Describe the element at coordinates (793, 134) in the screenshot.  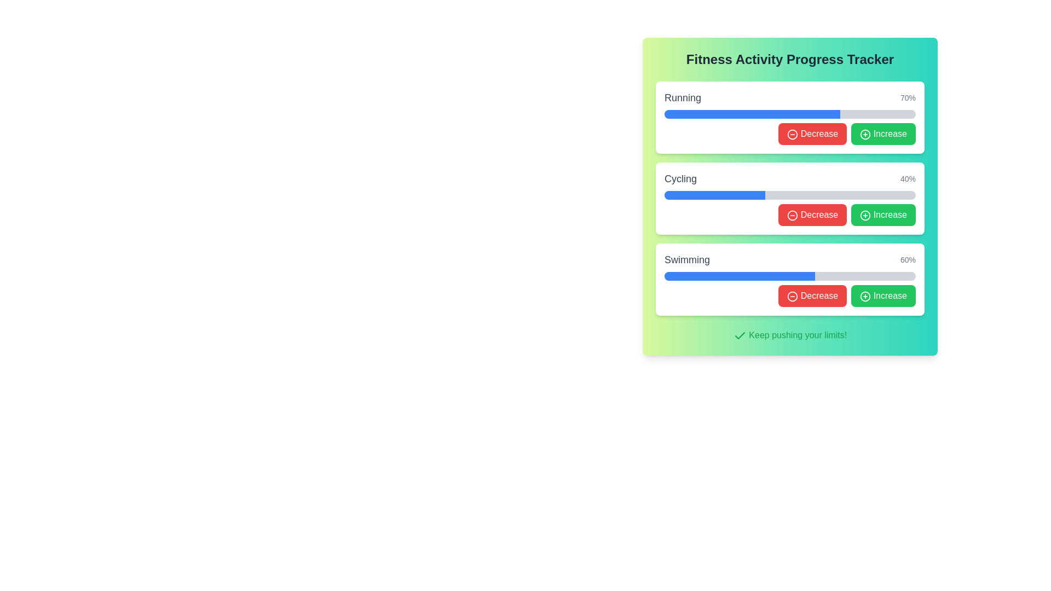
I see `the 'Decrease' button which is represented by an SVG circle element indicating decrease functionality, located near the top of the grouped activity tracker interface` at that location.